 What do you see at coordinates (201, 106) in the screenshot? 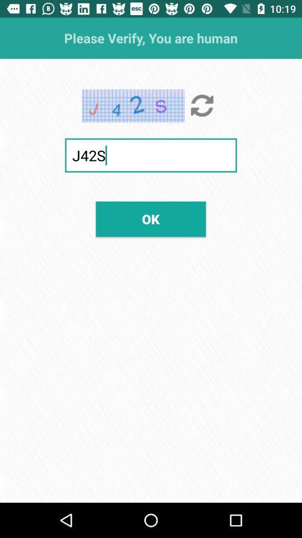
I see `icon below the please verify you item` at bounding box center [201, 106].